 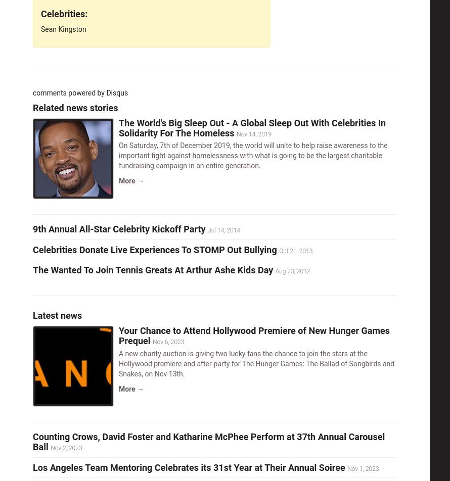 What do you see at coordinates (69, 93) in the screenshot?
I see `'comments powered by'` at bounding box center [69, 93].